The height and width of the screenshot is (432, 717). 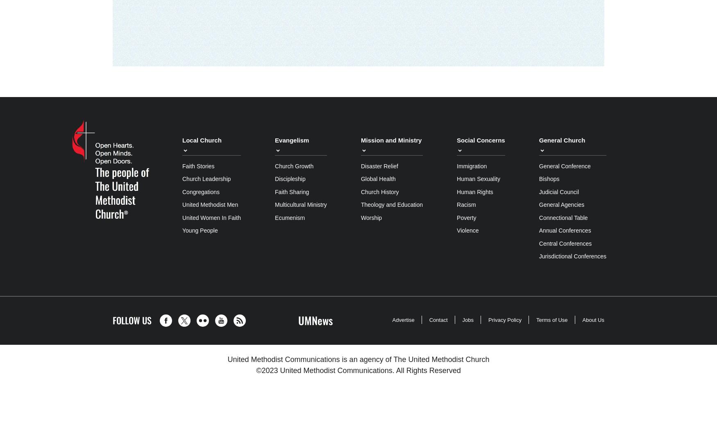 What do you see at coordinates (564, 166) in the screenshot?
I see `'General Conference'` at bounding box center [564, 166].